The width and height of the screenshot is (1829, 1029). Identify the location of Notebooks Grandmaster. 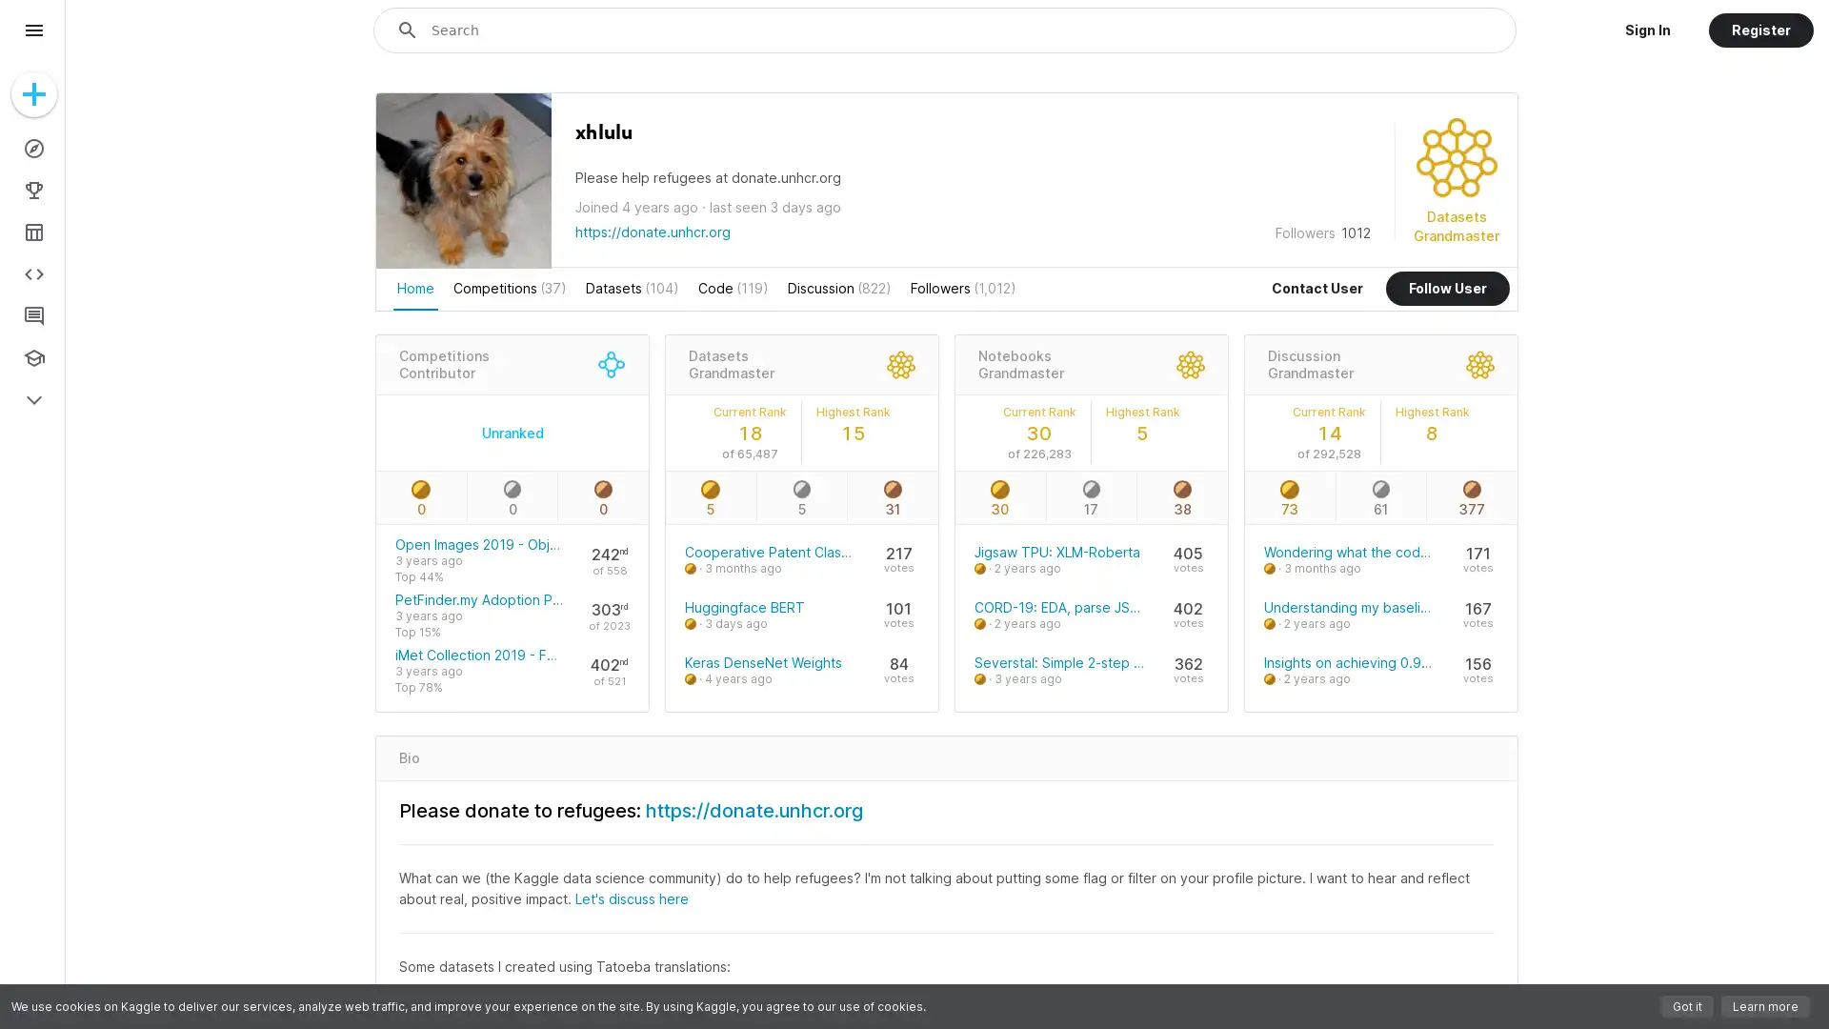
(1018, 364).